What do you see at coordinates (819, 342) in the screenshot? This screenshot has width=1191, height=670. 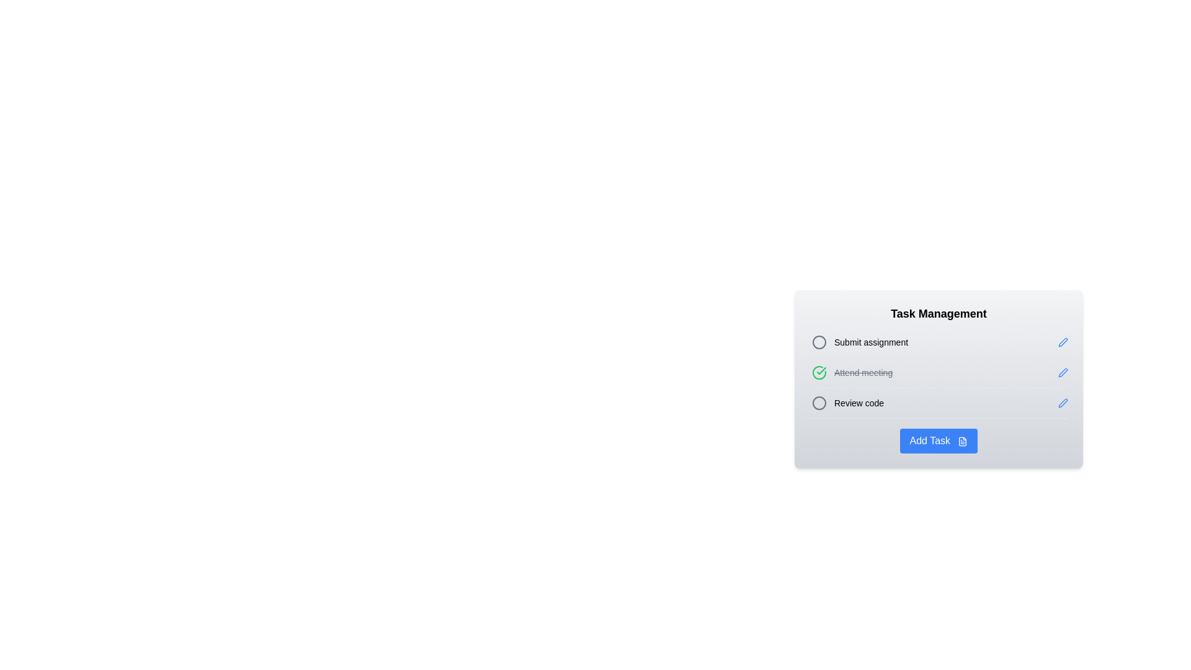 I see `the unselected radio button located to the left of the 'Submit assignment' task in the task management list` at bounding box center [819, 342].